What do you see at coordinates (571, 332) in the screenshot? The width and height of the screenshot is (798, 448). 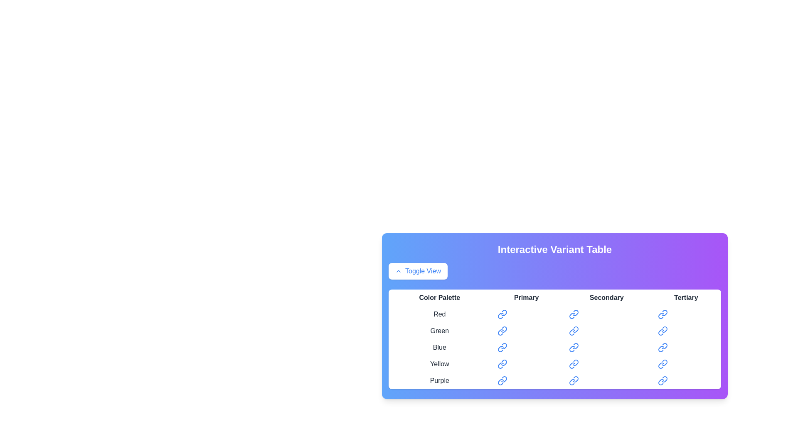 I see `the chain icon located in the 'Interactive Variant Table' section, specifically in the row for 'Green' under the 'Secondary' column, to interpret its representation for UI understanding` at bounding box center [571, 332].